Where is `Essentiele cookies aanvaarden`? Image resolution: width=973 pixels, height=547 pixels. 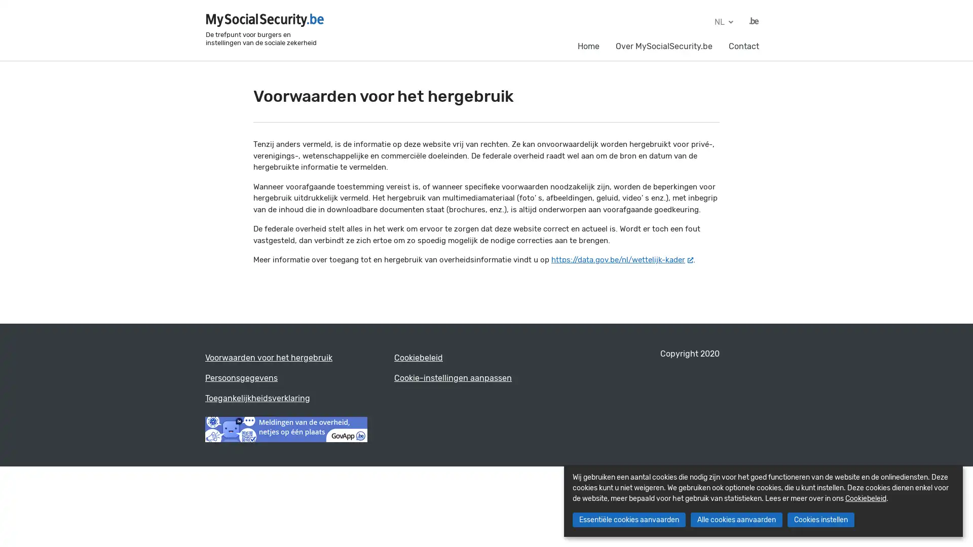 Essentiele cookies aanvaarden is located at coordinates (628, 520).